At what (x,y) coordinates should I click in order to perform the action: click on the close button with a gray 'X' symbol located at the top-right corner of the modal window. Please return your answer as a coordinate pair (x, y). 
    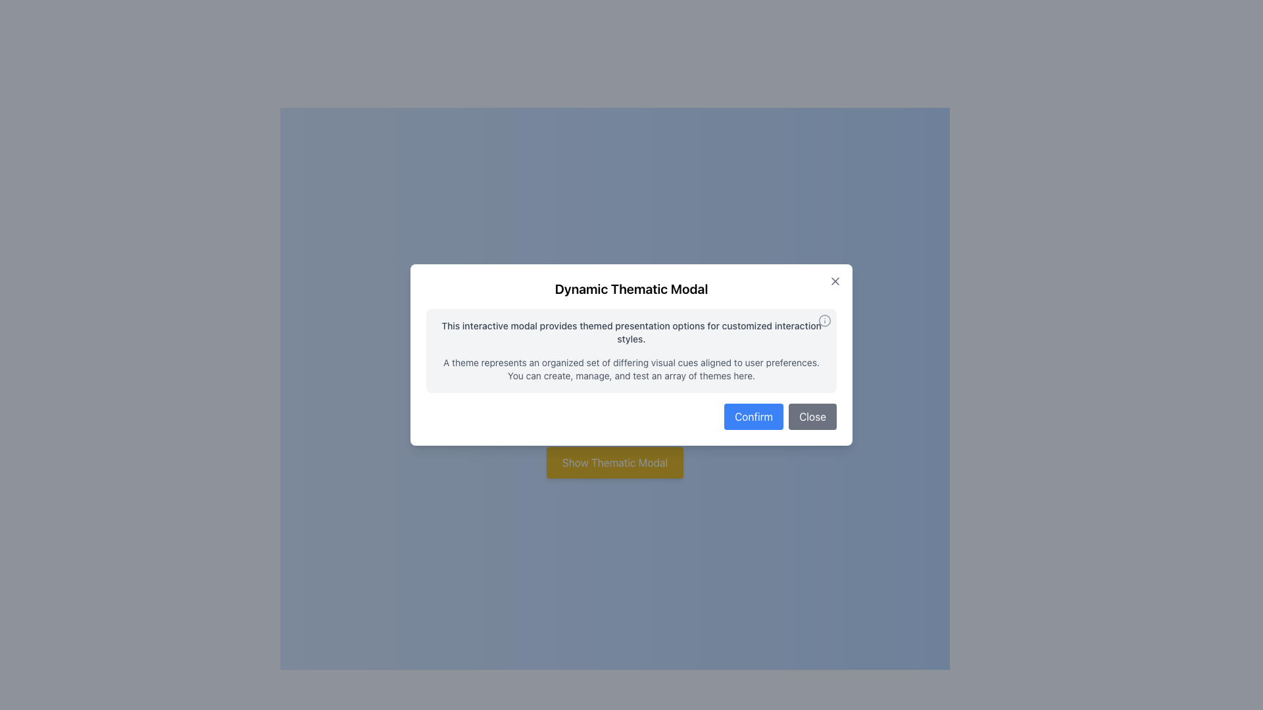
    Looking at the image, I should click on (835, 281).